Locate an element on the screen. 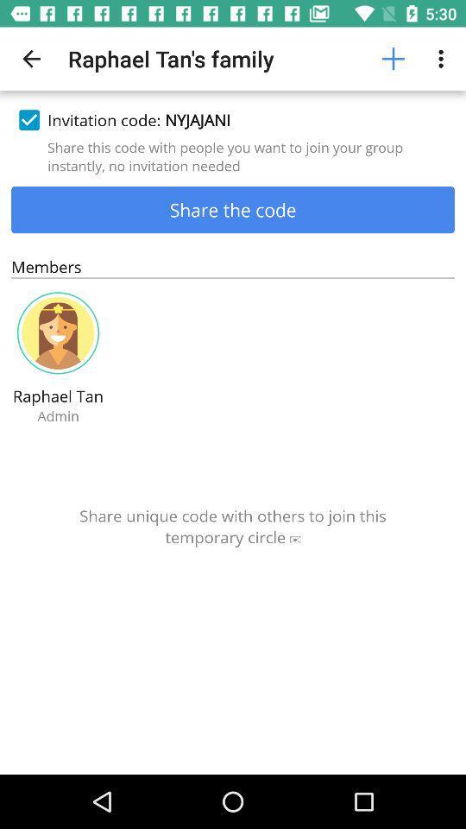 Image resolution: width=466 pixels, height=829 pixels. item above the invitation code: nyjajani item is located at coordinates (393, 59).